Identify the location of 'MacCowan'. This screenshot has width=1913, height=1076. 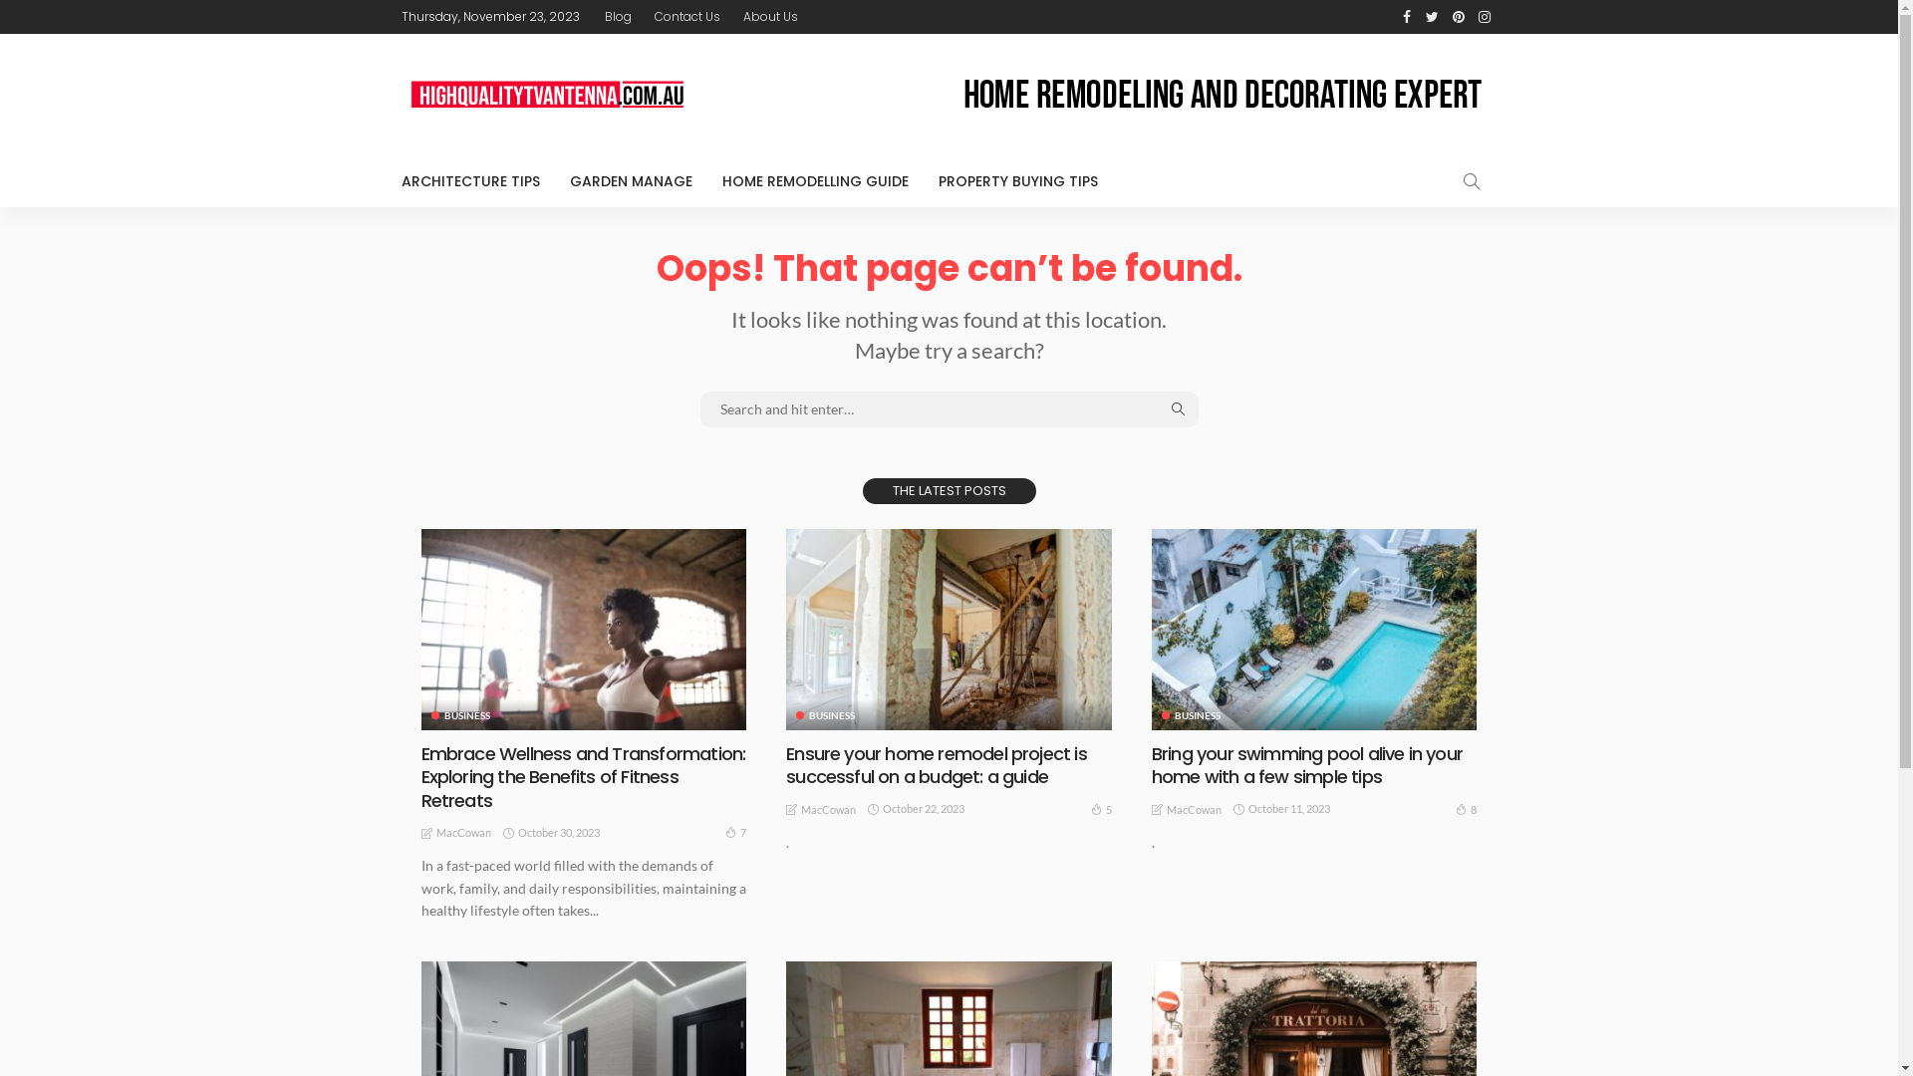
(1194, 810).